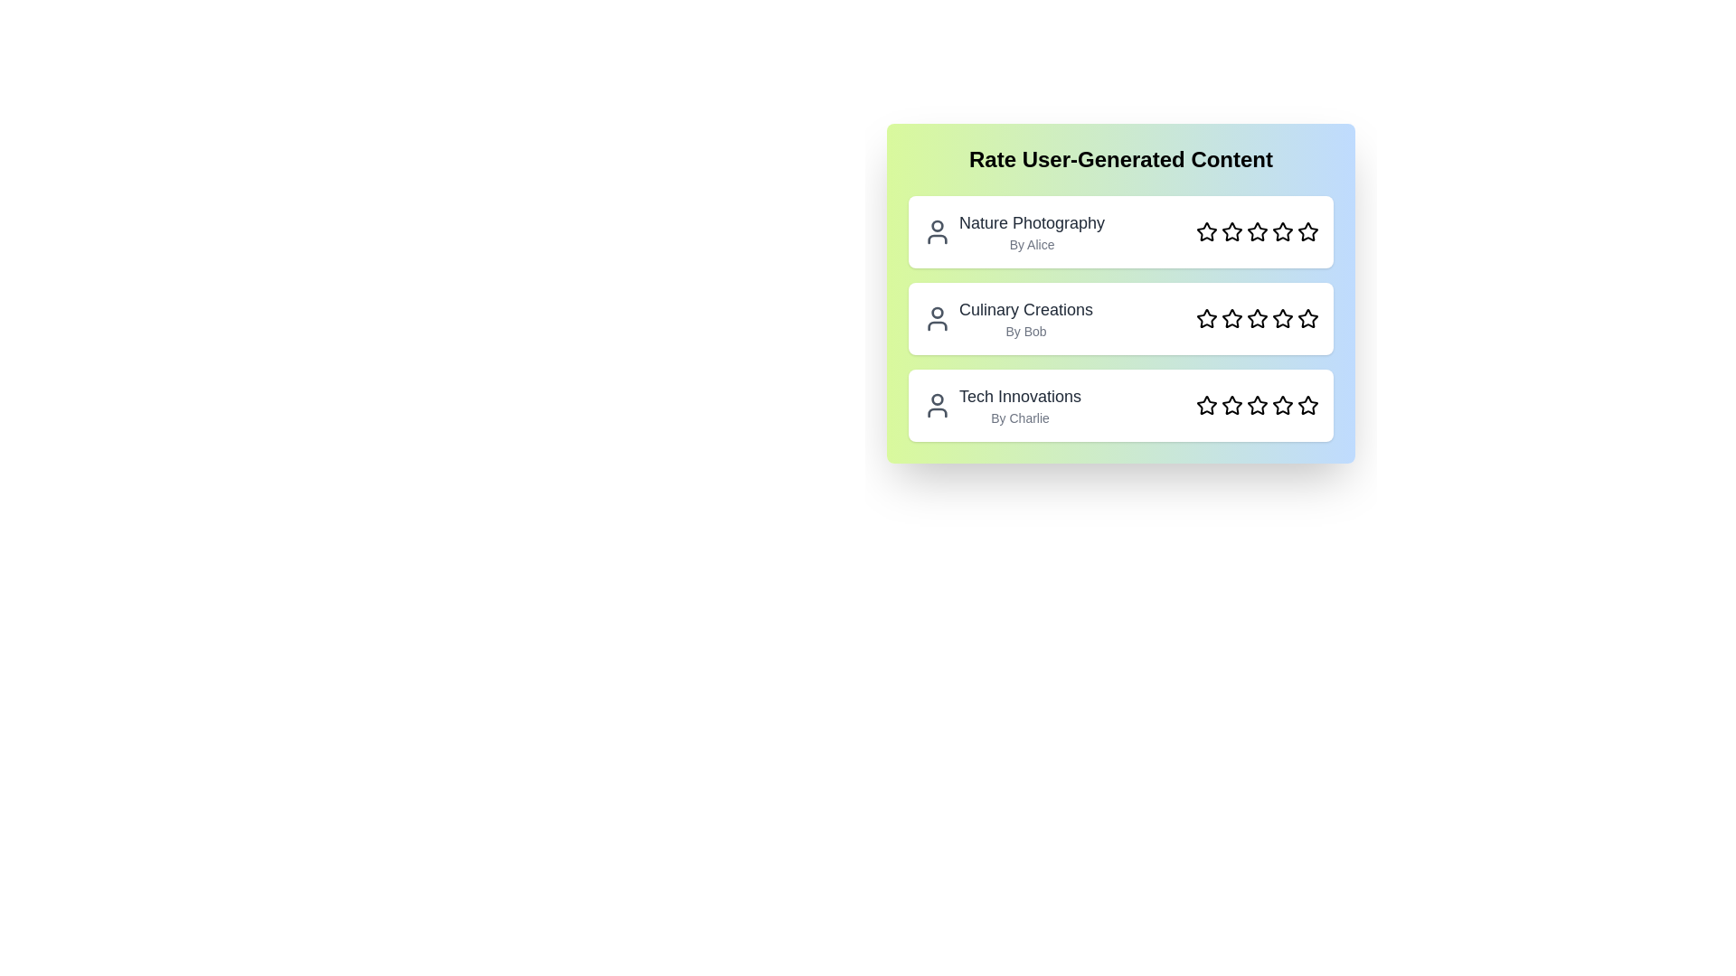 Image resolution: width=1736 pixels, height=976 pixels. Describe the element at coordinates (1014, 231) in the screenshot. I see `the content entry to view its title and author information` at that location.